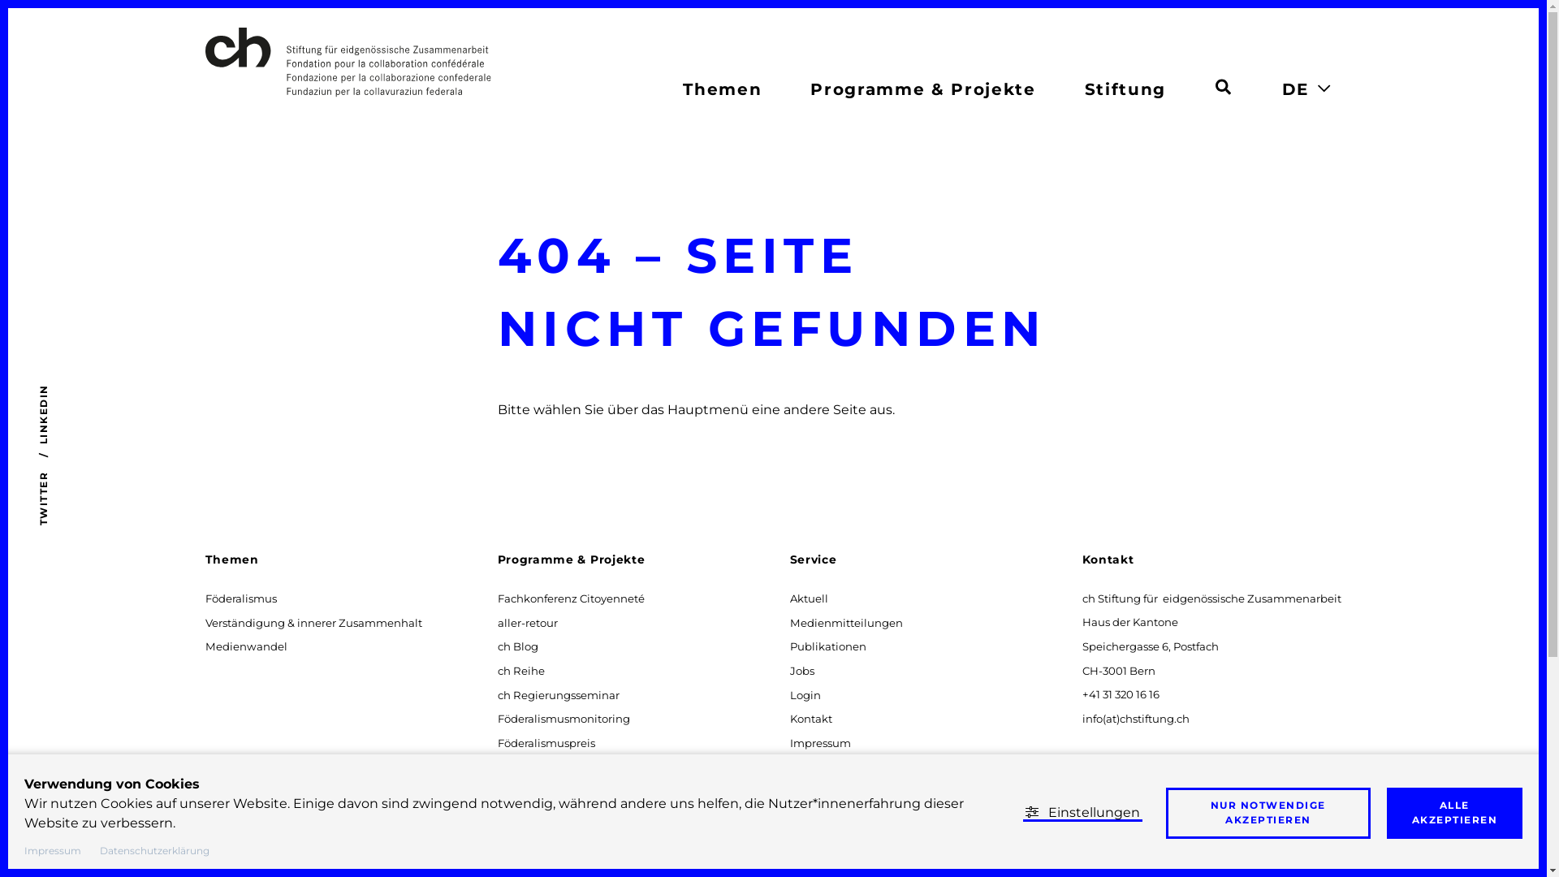 The width and height of the screenshot is (1559, 877). Describe the element at coordinates (53, 849) in the screenshot. I see `'Impressum'` at that location.